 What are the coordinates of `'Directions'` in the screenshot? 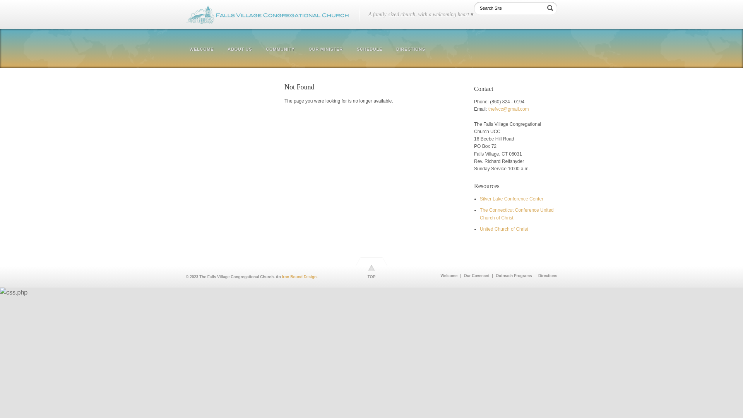 It's located at (546, 276).